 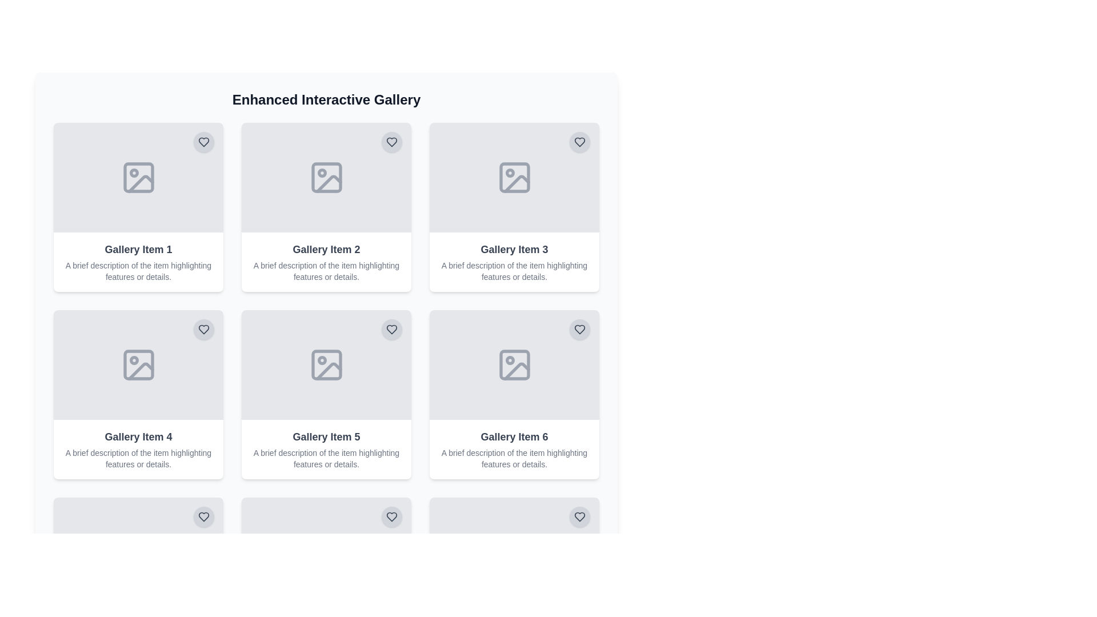 I want to click on the SVG icon representing 'Gallery Item 5' located centrally within the card in the 'Enhanced Interactive Gallery' section, so click(x=326, y=365).